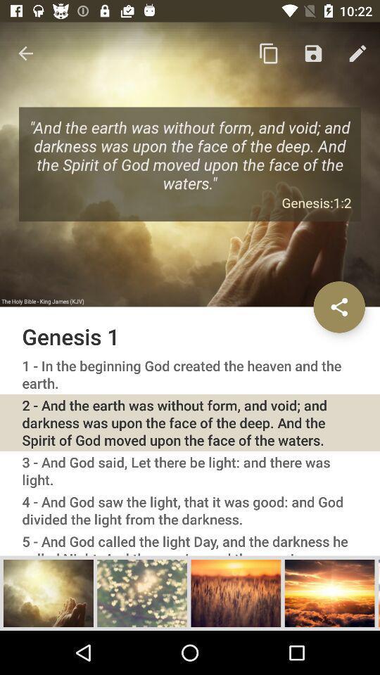 Image resolution: width=380 pixels, height=675 pixels. I want to click on background, so click(236, 592).